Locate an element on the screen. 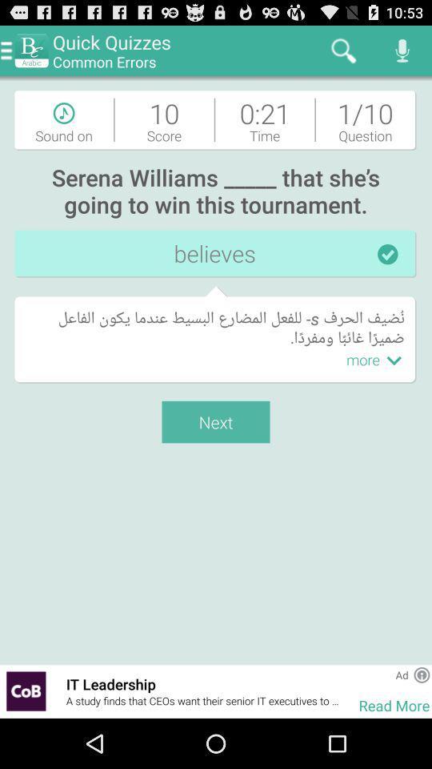 This screenshot has height=769, width=432. the believes button is located at coordinates (216, 254).